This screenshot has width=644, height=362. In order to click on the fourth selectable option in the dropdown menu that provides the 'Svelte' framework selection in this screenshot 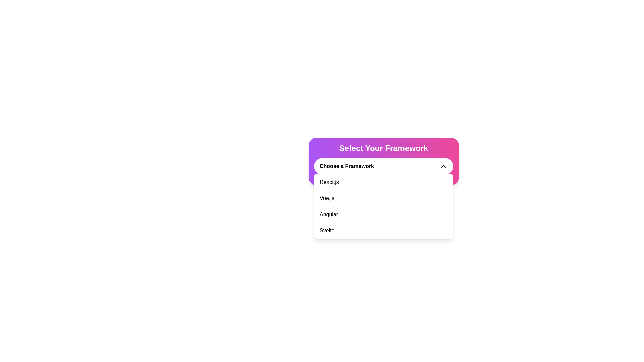, I will do `click(383, 230)`.